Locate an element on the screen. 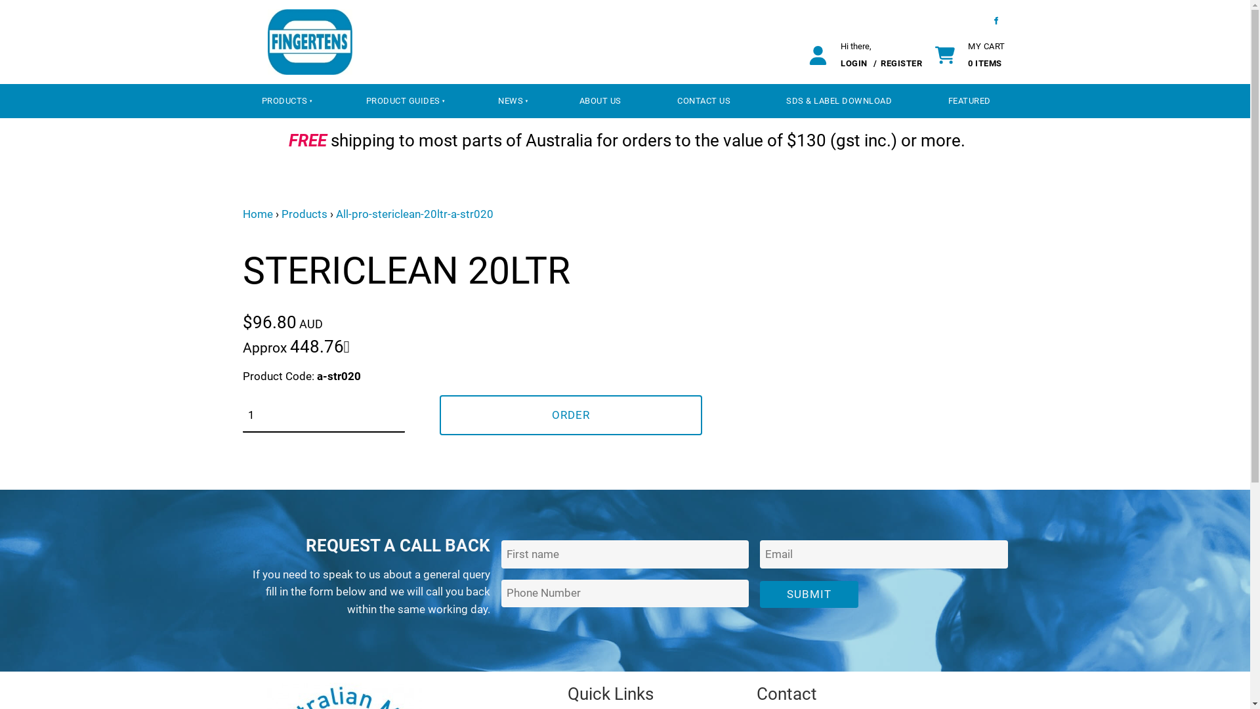 This screenshot has width=1260, height=709. 'Home' is located at coordinates (258, 213).